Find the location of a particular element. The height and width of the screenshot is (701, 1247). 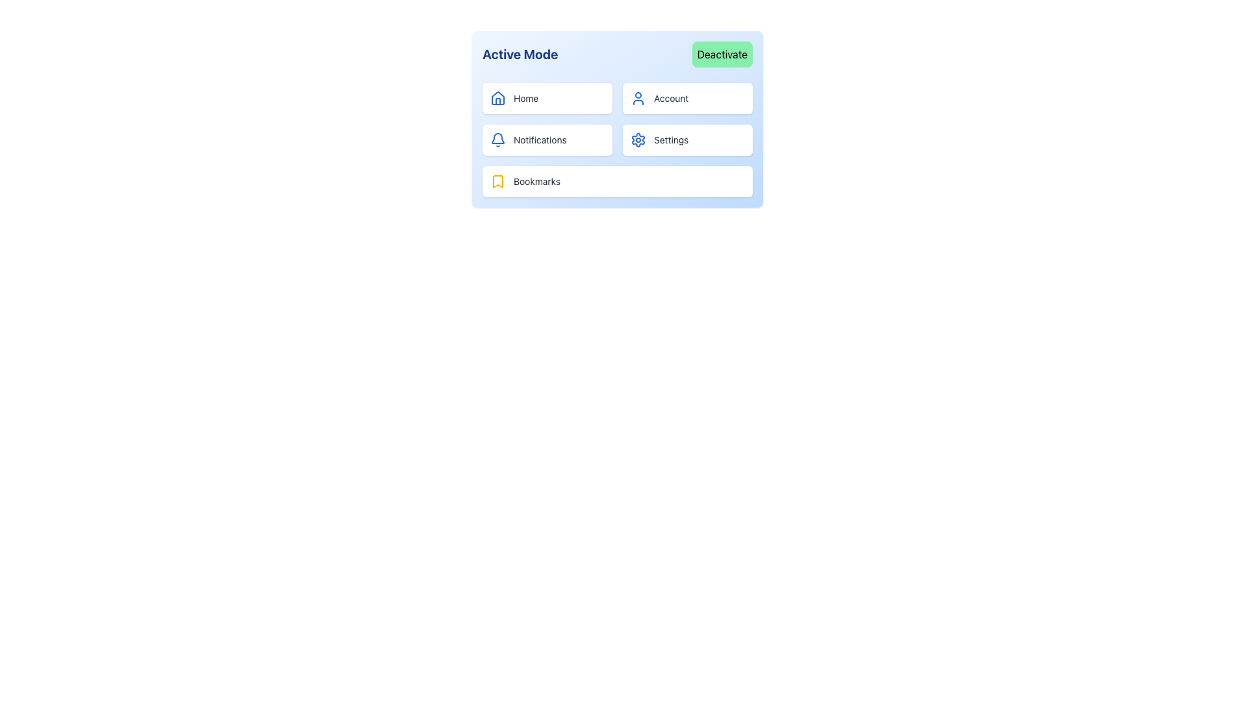

the Text Label that identifies the Account-related actions, located to the right of the user icon in the Active Mode section is located at coordinates (671, 97).